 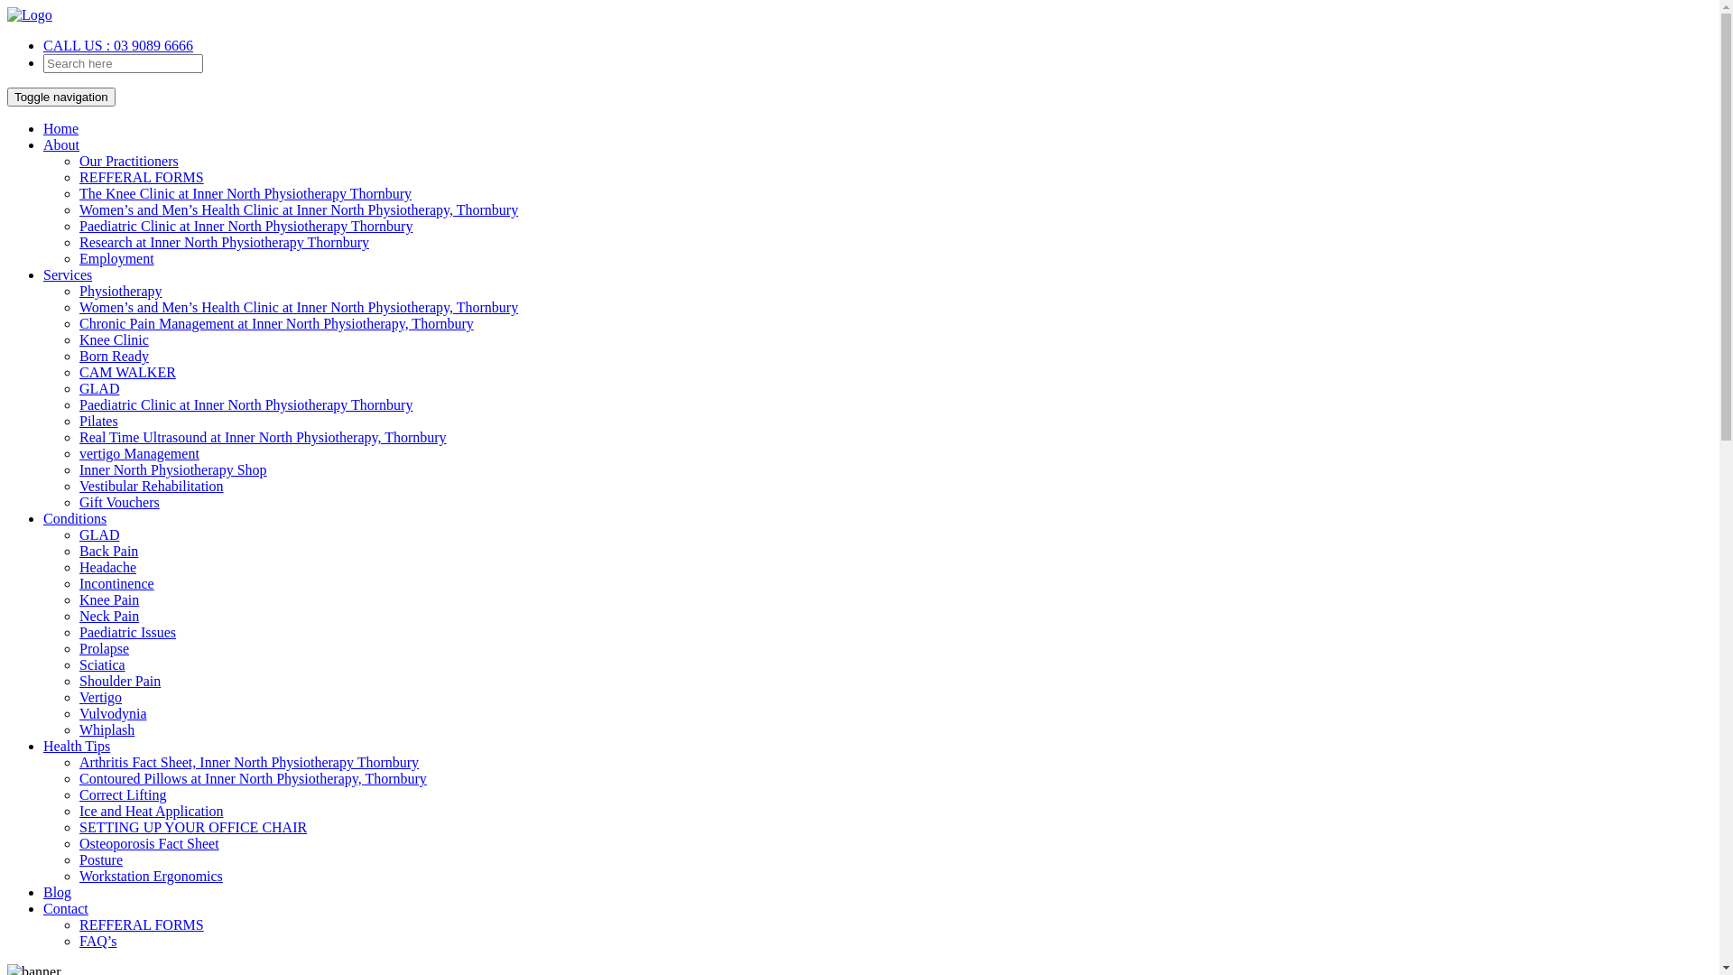 I want to click on 'REFFERAL FORMS', so click(x=141, y=924).